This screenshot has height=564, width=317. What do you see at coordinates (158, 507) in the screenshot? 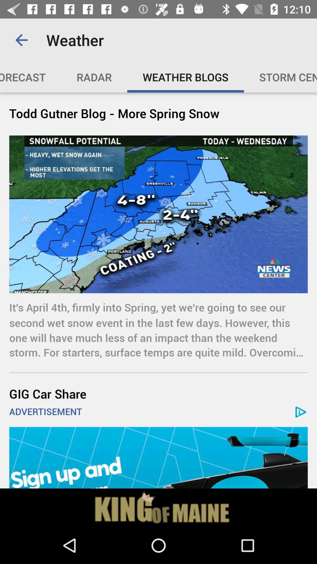
I see `kingofmaine` at bounding box center [158, 507].